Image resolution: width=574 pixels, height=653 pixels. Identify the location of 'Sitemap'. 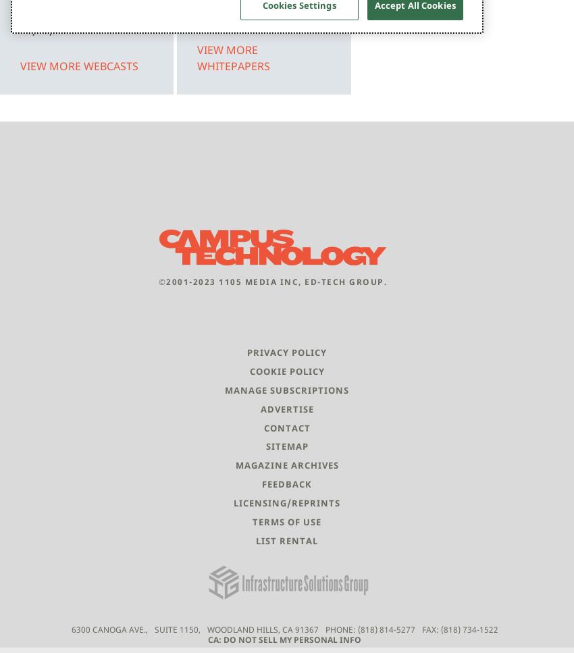
(265, 446).